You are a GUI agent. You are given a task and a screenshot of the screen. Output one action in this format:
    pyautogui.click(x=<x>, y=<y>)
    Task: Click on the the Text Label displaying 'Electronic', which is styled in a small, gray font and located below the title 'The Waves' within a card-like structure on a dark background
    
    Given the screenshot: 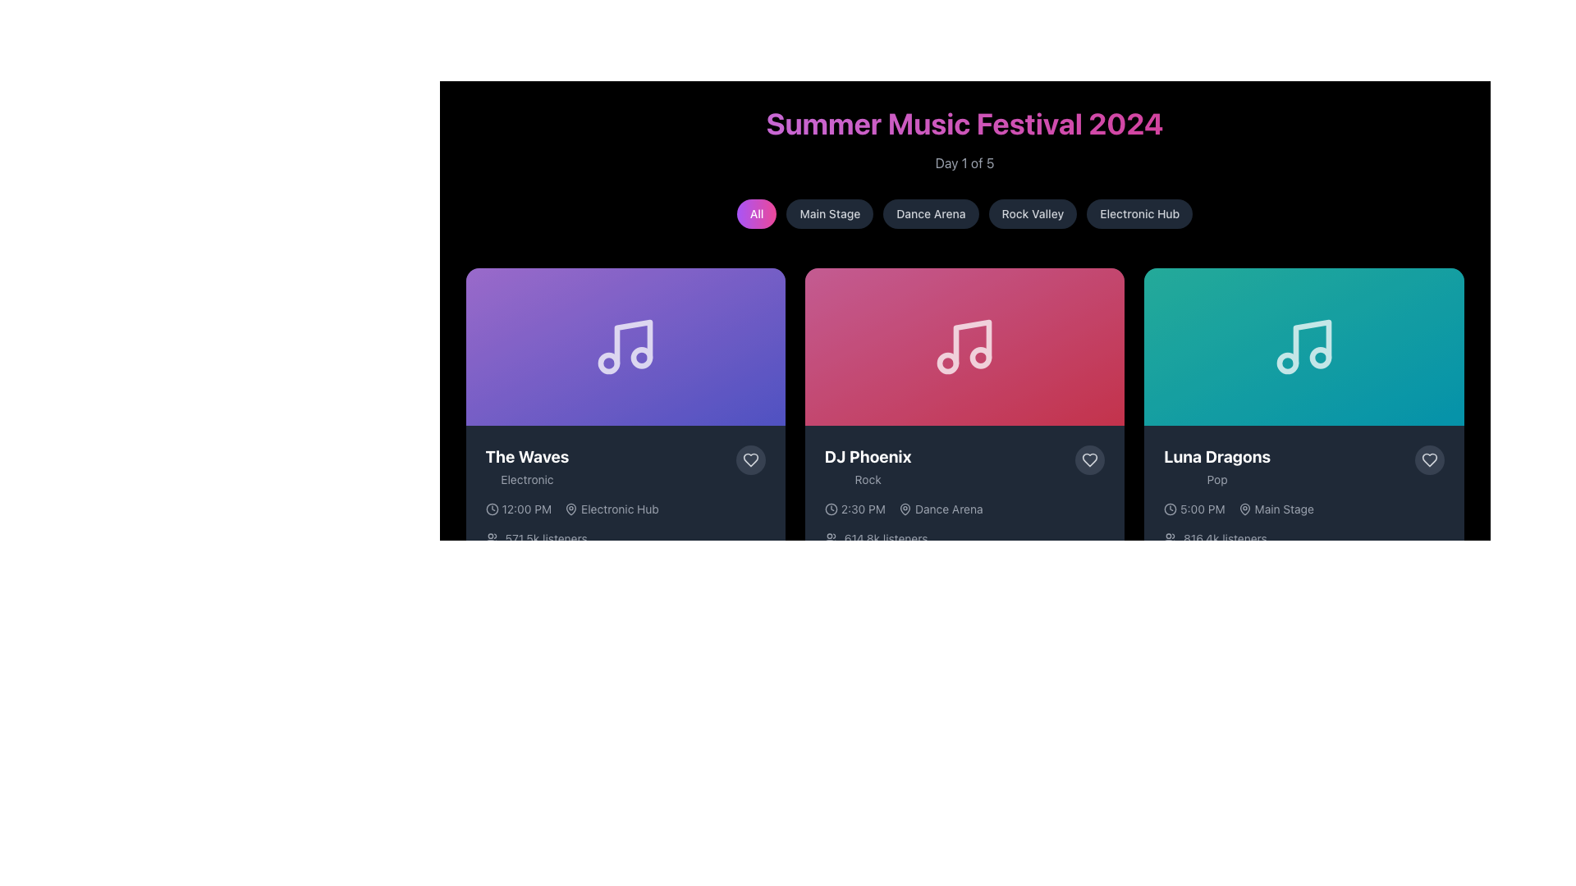 What is the action you would take?
    pyautogui.click(x=527, y=480)
    